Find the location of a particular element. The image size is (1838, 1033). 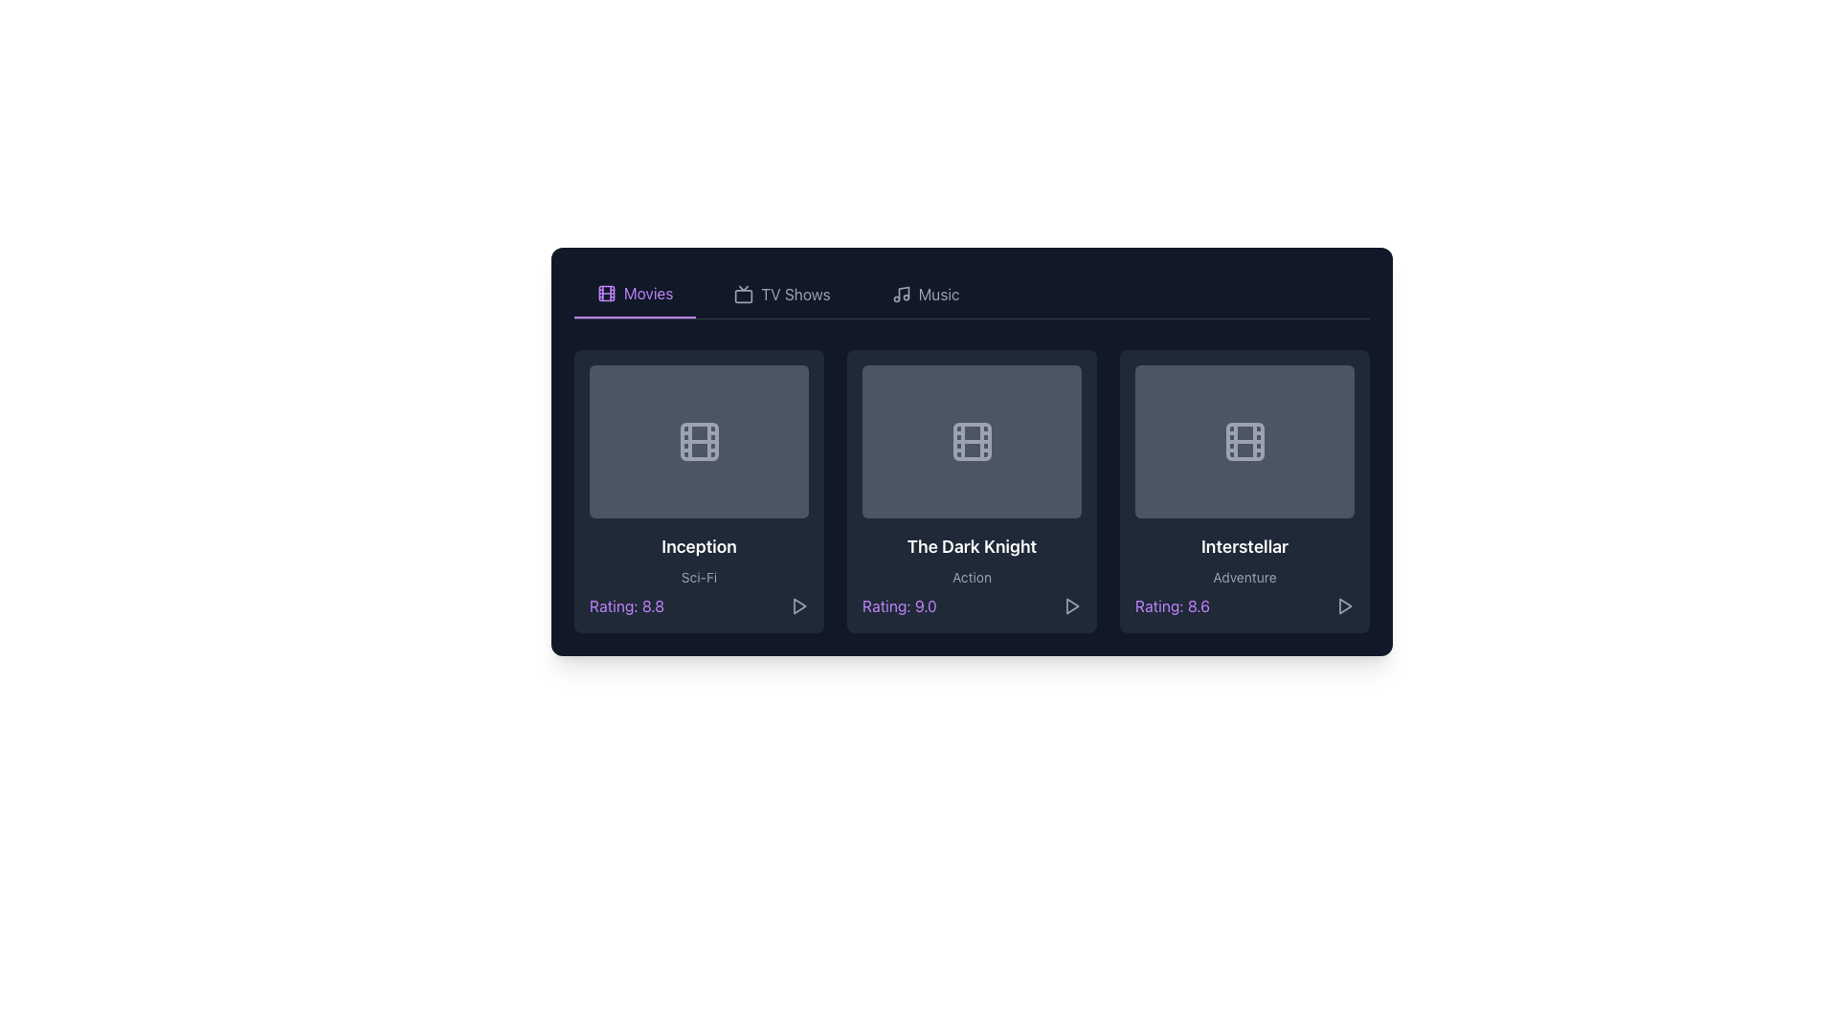

numerical rating displayed below the card title 'The Dark Knight' in the middle card of the horizontal card layout is located at coordinates (898, 605).